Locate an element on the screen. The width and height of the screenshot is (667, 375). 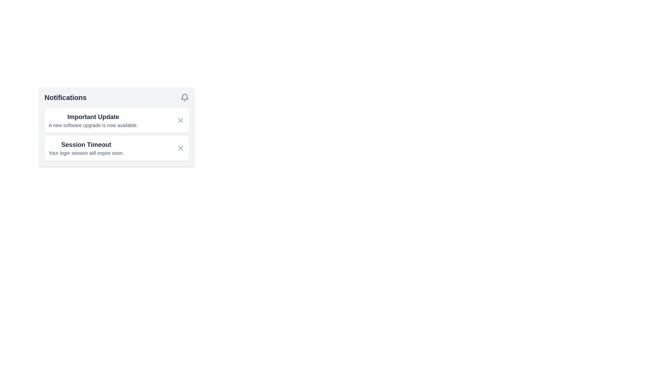
the static text element that serves as the title for the notification message, positioned above the message regarding the software upgrade is located at coordinates (93, 116).